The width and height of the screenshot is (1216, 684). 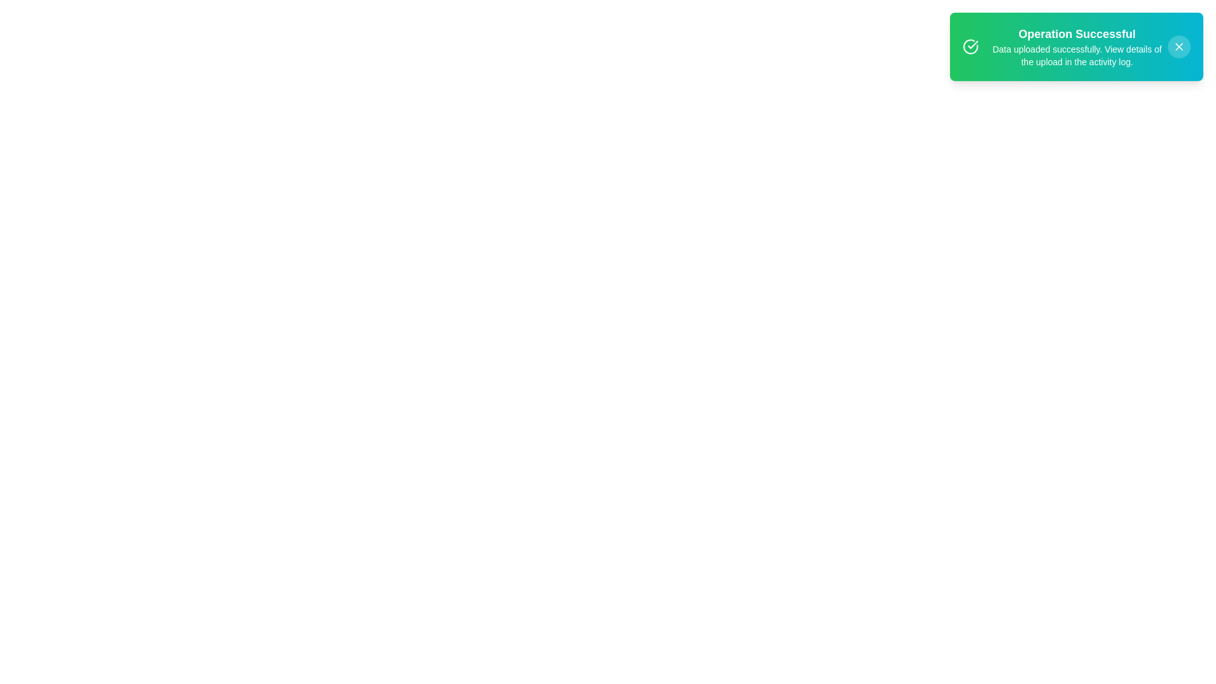 I want to click on the success icon located at the leftmost side of the notification box, adjacent to the text 'Operation Successful', so click(x=970, y=46).